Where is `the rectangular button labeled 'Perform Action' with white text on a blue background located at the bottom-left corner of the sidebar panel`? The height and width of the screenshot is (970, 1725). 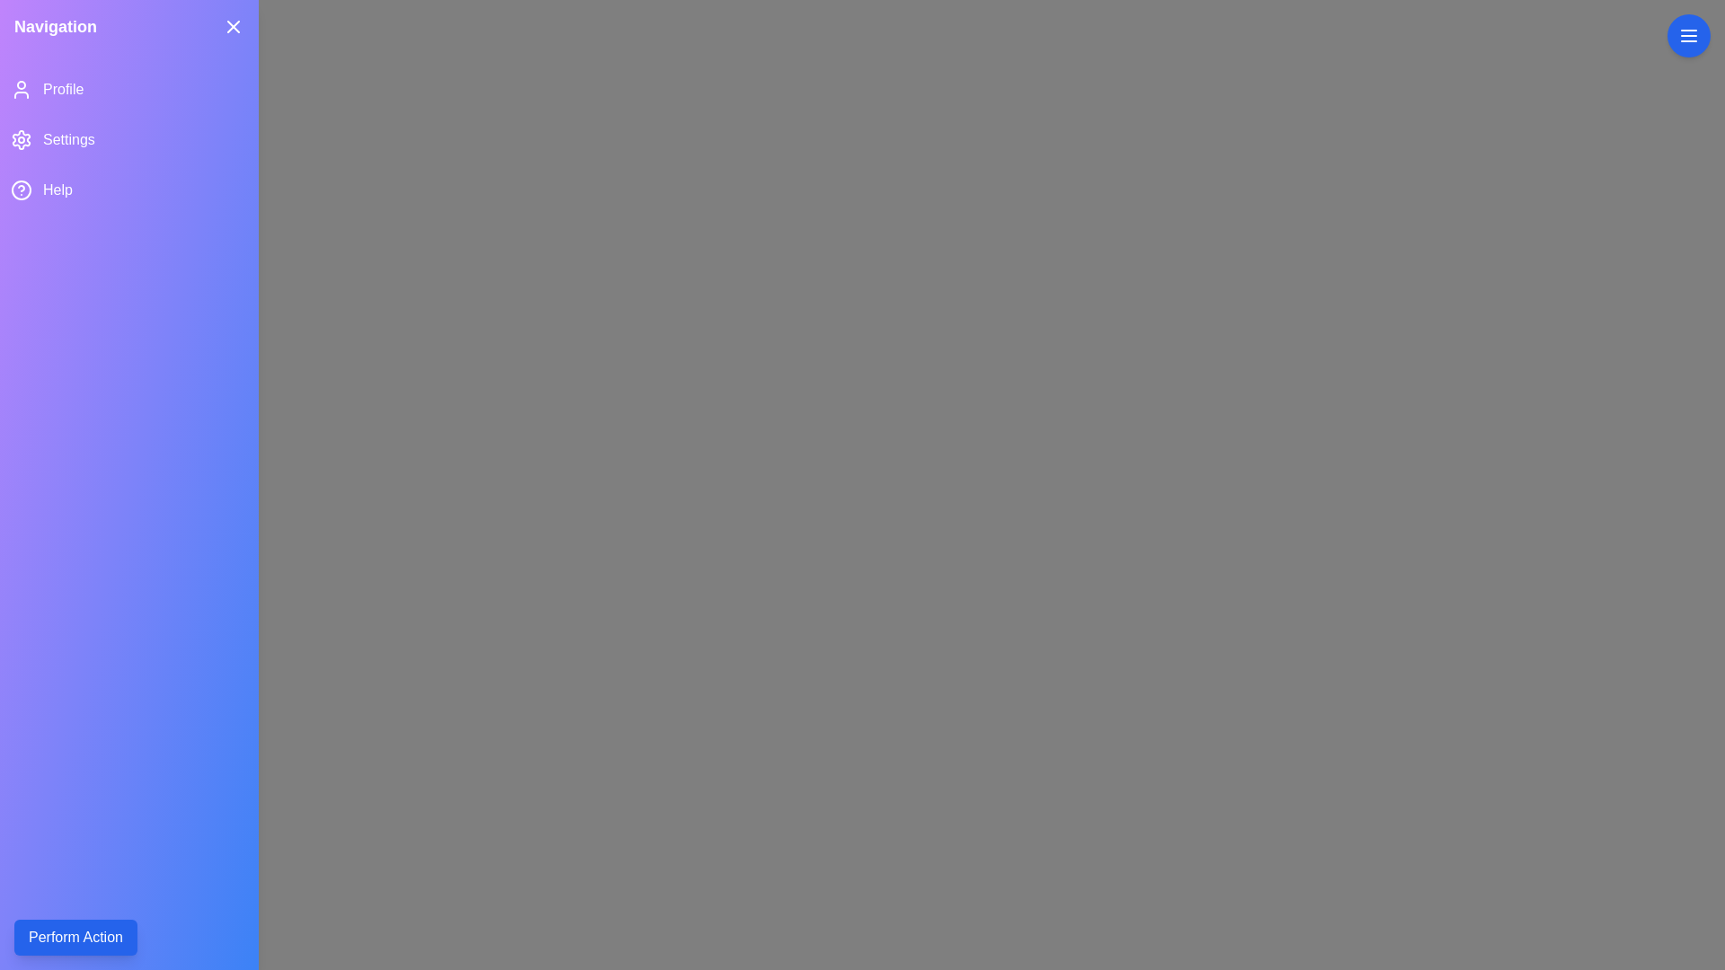 the rectangular button labeled 'Perform Action' with white text on a blue background located at the bottom-left corner of the sidebar panel is located at coordinates (75, 937).